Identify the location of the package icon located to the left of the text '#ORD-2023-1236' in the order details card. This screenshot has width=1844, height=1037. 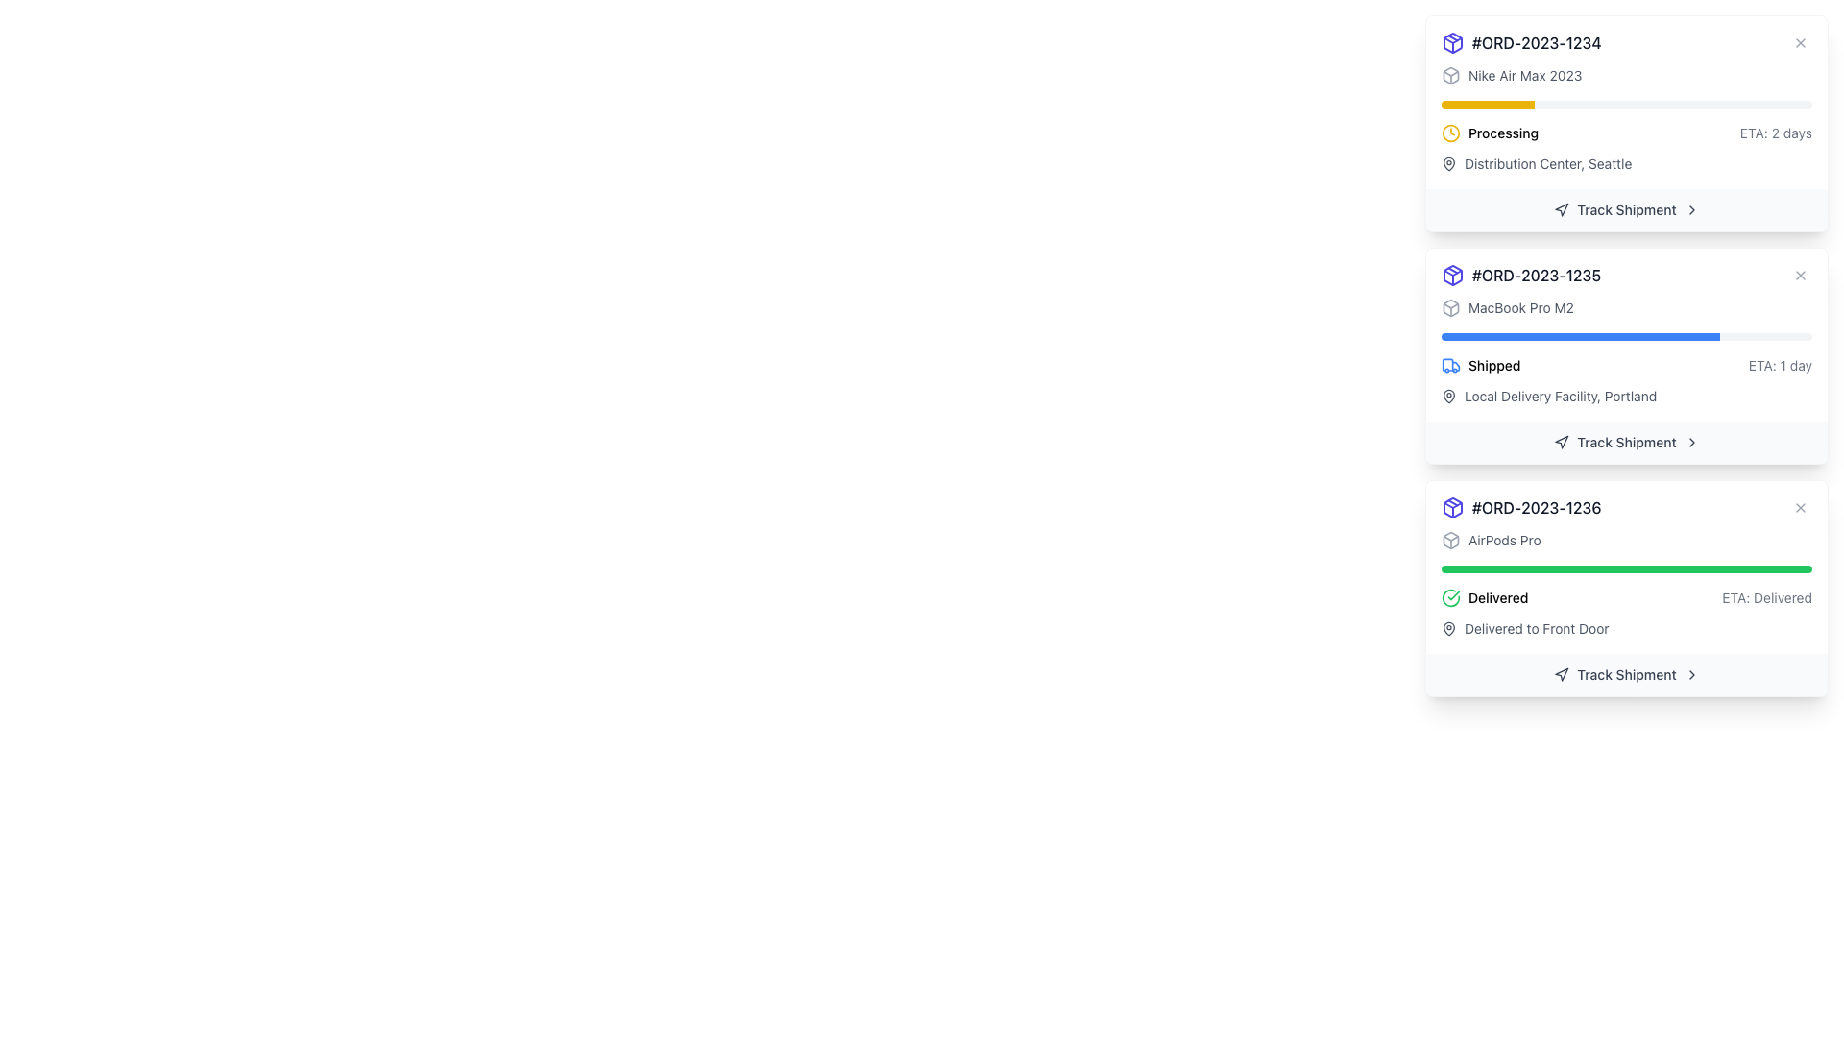
(1452, 506).